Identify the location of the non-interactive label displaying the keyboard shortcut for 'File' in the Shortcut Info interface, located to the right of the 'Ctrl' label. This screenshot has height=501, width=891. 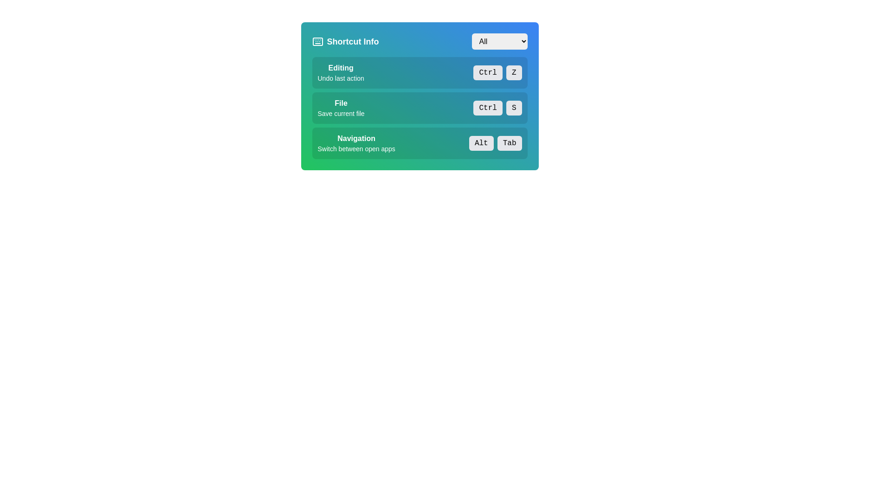
(513, 107).